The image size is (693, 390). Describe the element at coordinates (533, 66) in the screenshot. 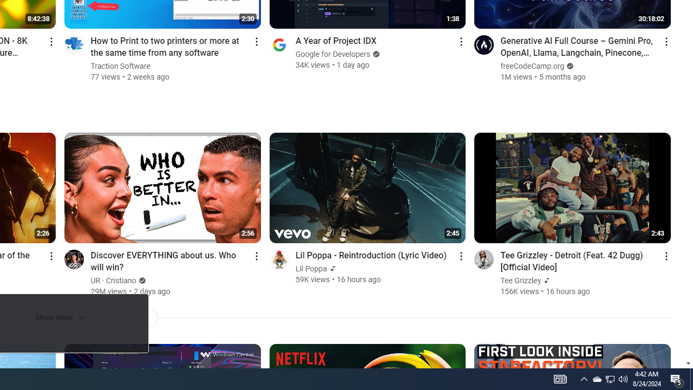

I see `'freeCodeCamp.org'` at that location.